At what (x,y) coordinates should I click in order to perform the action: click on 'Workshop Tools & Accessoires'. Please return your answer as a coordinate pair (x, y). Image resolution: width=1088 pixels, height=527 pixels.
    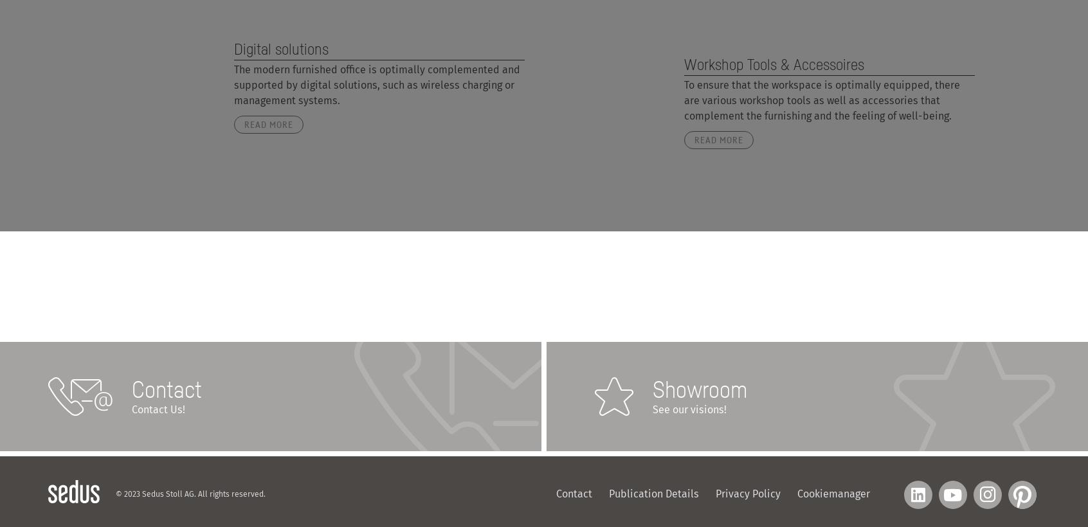
    Looking at the image, I should click on (684, 63).